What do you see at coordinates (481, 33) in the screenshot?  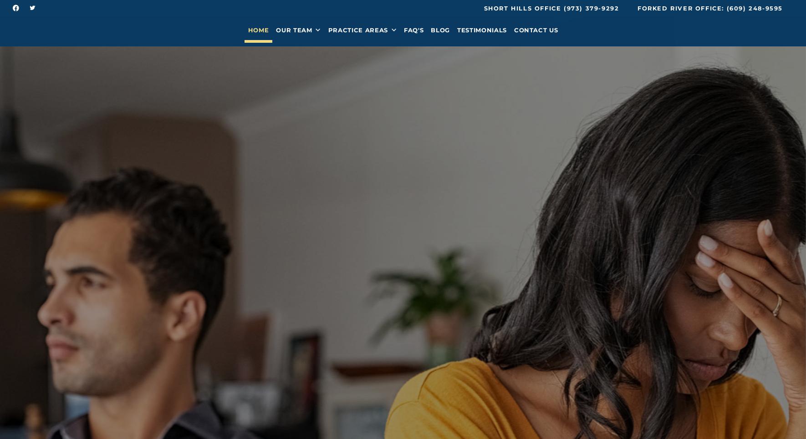 I see `'Testimonials'` at bounding box center [481, 33].